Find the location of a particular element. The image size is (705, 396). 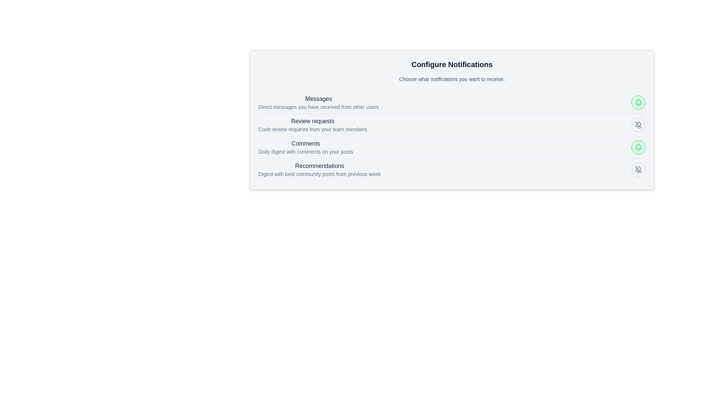

the circular button with a green border and light green background containing a bell icon in the top-right corner of the 'Comments' section is located at coordinates (638, 147).